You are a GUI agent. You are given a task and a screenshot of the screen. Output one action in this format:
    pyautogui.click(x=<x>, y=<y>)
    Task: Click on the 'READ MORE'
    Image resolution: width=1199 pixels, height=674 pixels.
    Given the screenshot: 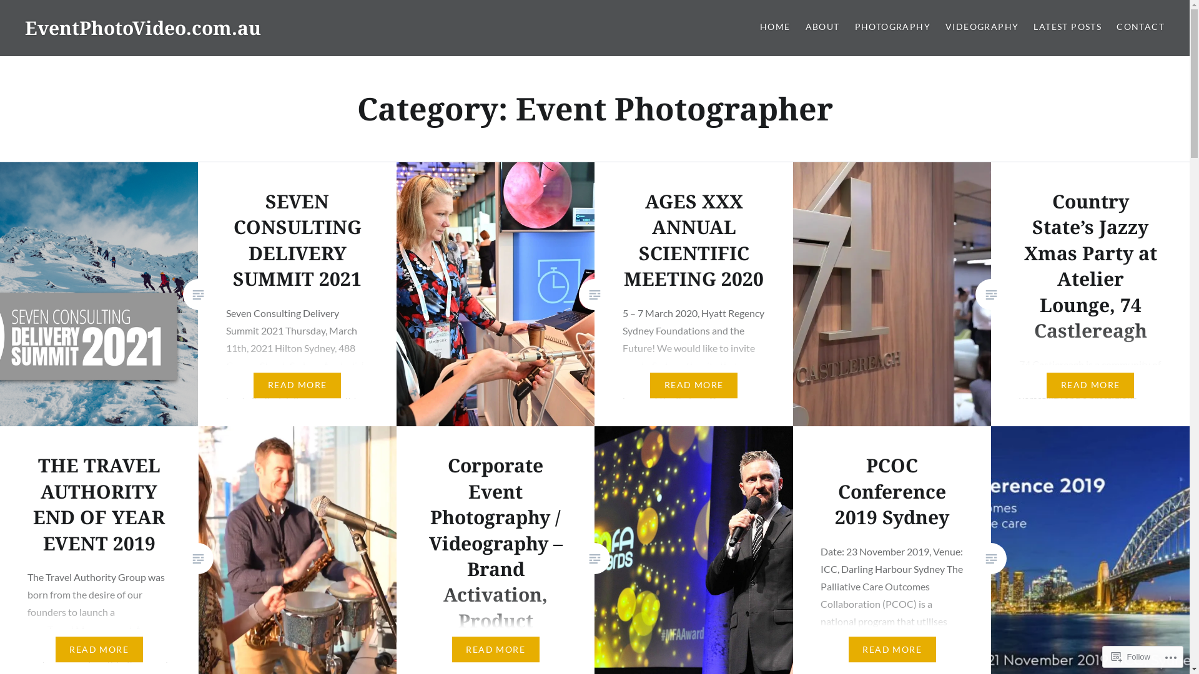 What is the action you would take?
    pyautogui.click(x=892, y=649)
    